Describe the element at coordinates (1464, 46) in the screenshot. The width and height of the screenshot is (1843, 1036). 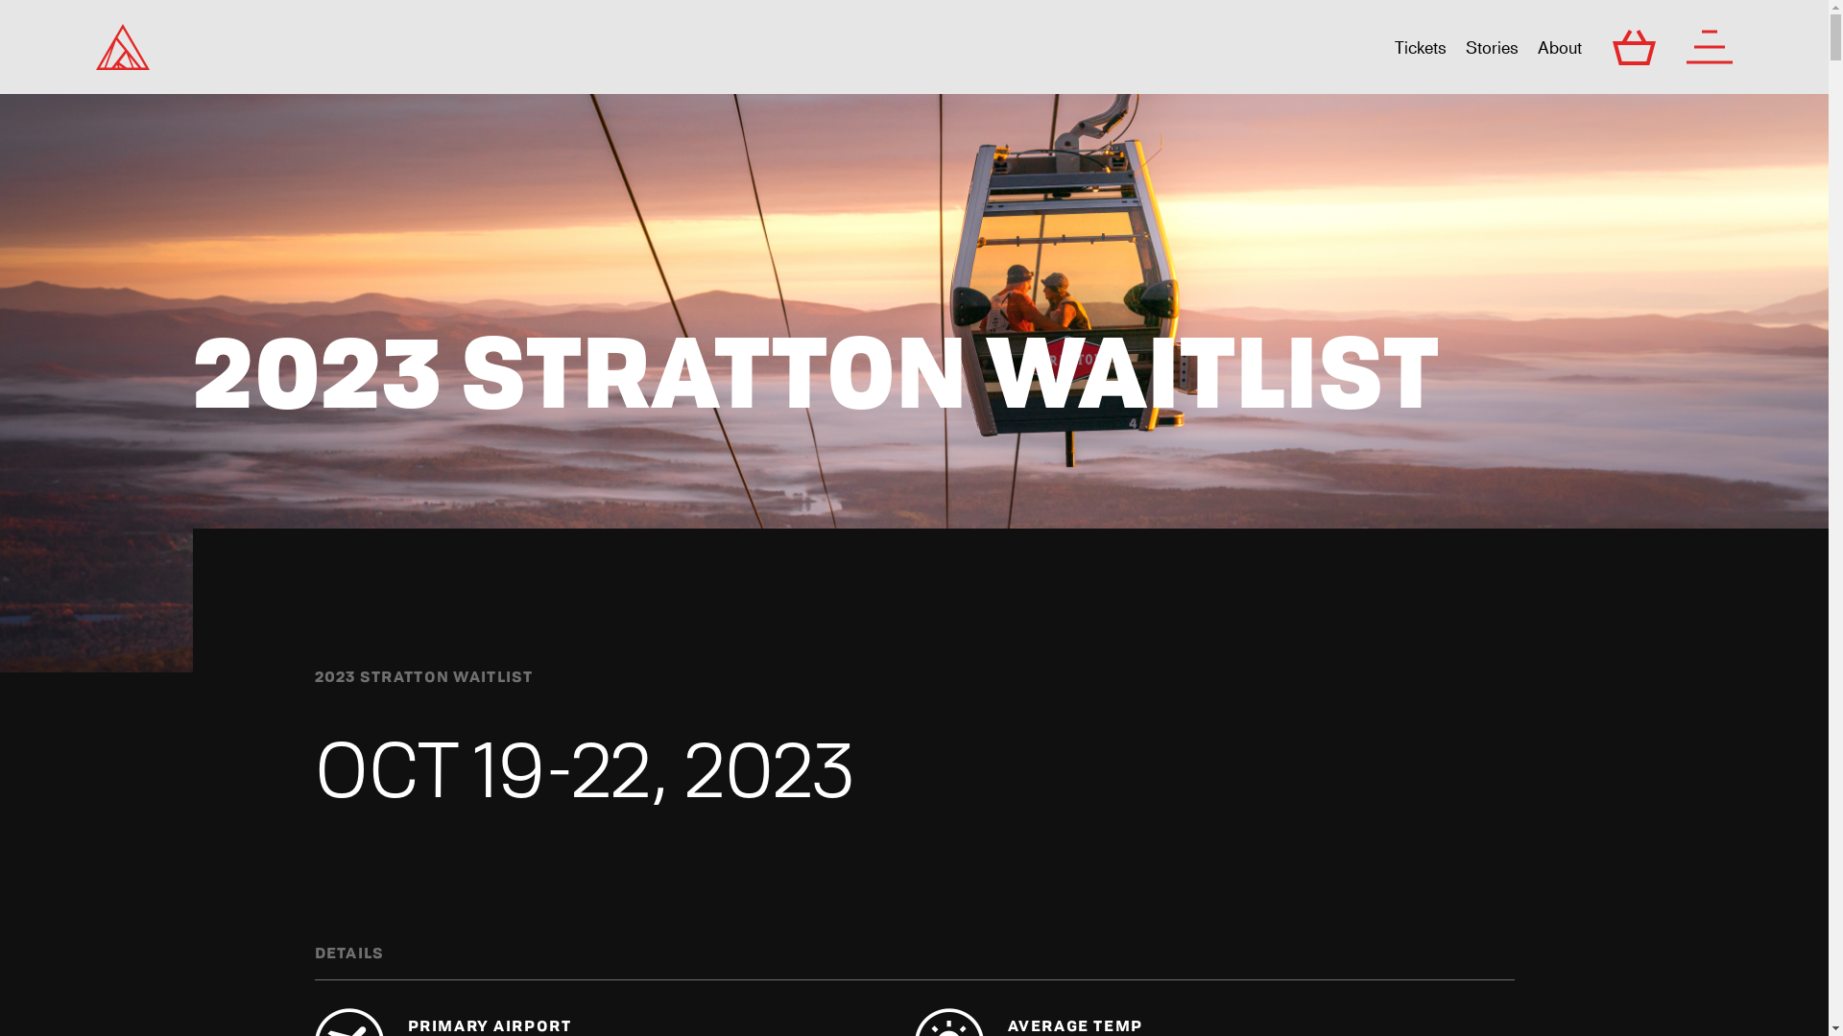
I see `'Stories'` at that location.